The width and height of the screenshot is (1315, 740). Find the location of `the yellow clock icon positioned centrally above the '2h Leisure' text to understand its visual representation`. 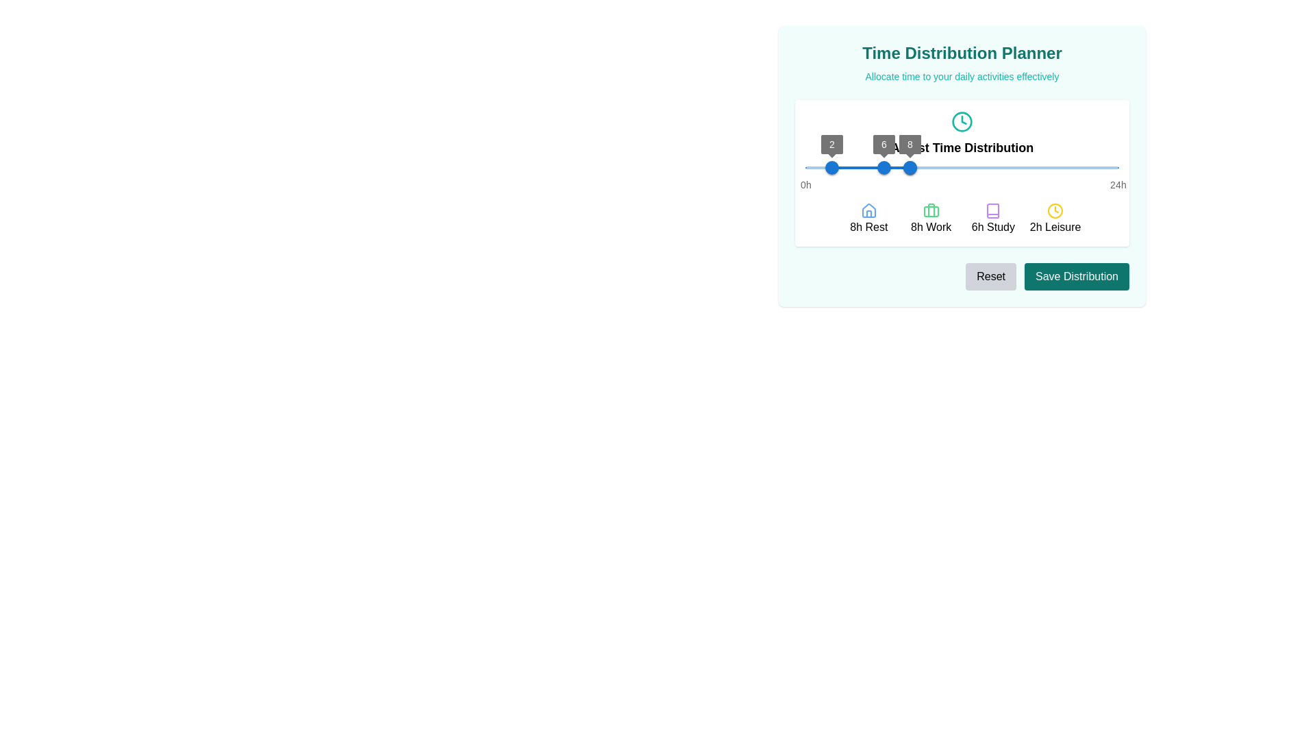

the yellow clock icon positioned centrally above the '2h Leisure' text to understand its visual representation is located at coordinates (1055, 211).